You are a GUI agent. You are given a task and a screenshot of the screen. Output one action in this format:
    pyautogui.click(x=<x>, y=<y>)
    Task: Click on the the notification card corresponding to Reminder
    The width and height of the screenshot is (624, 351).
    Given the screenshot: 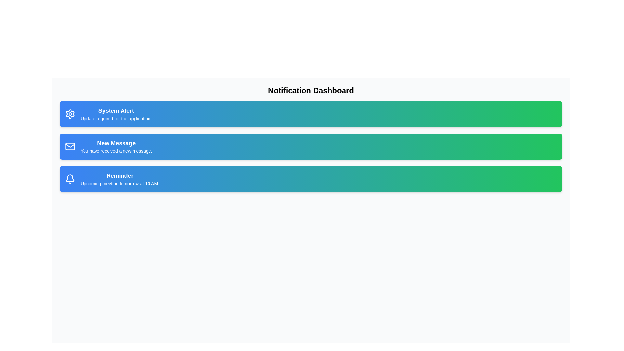 What is the action you would take?
    pyautogui.click(x=310, y=179)
    